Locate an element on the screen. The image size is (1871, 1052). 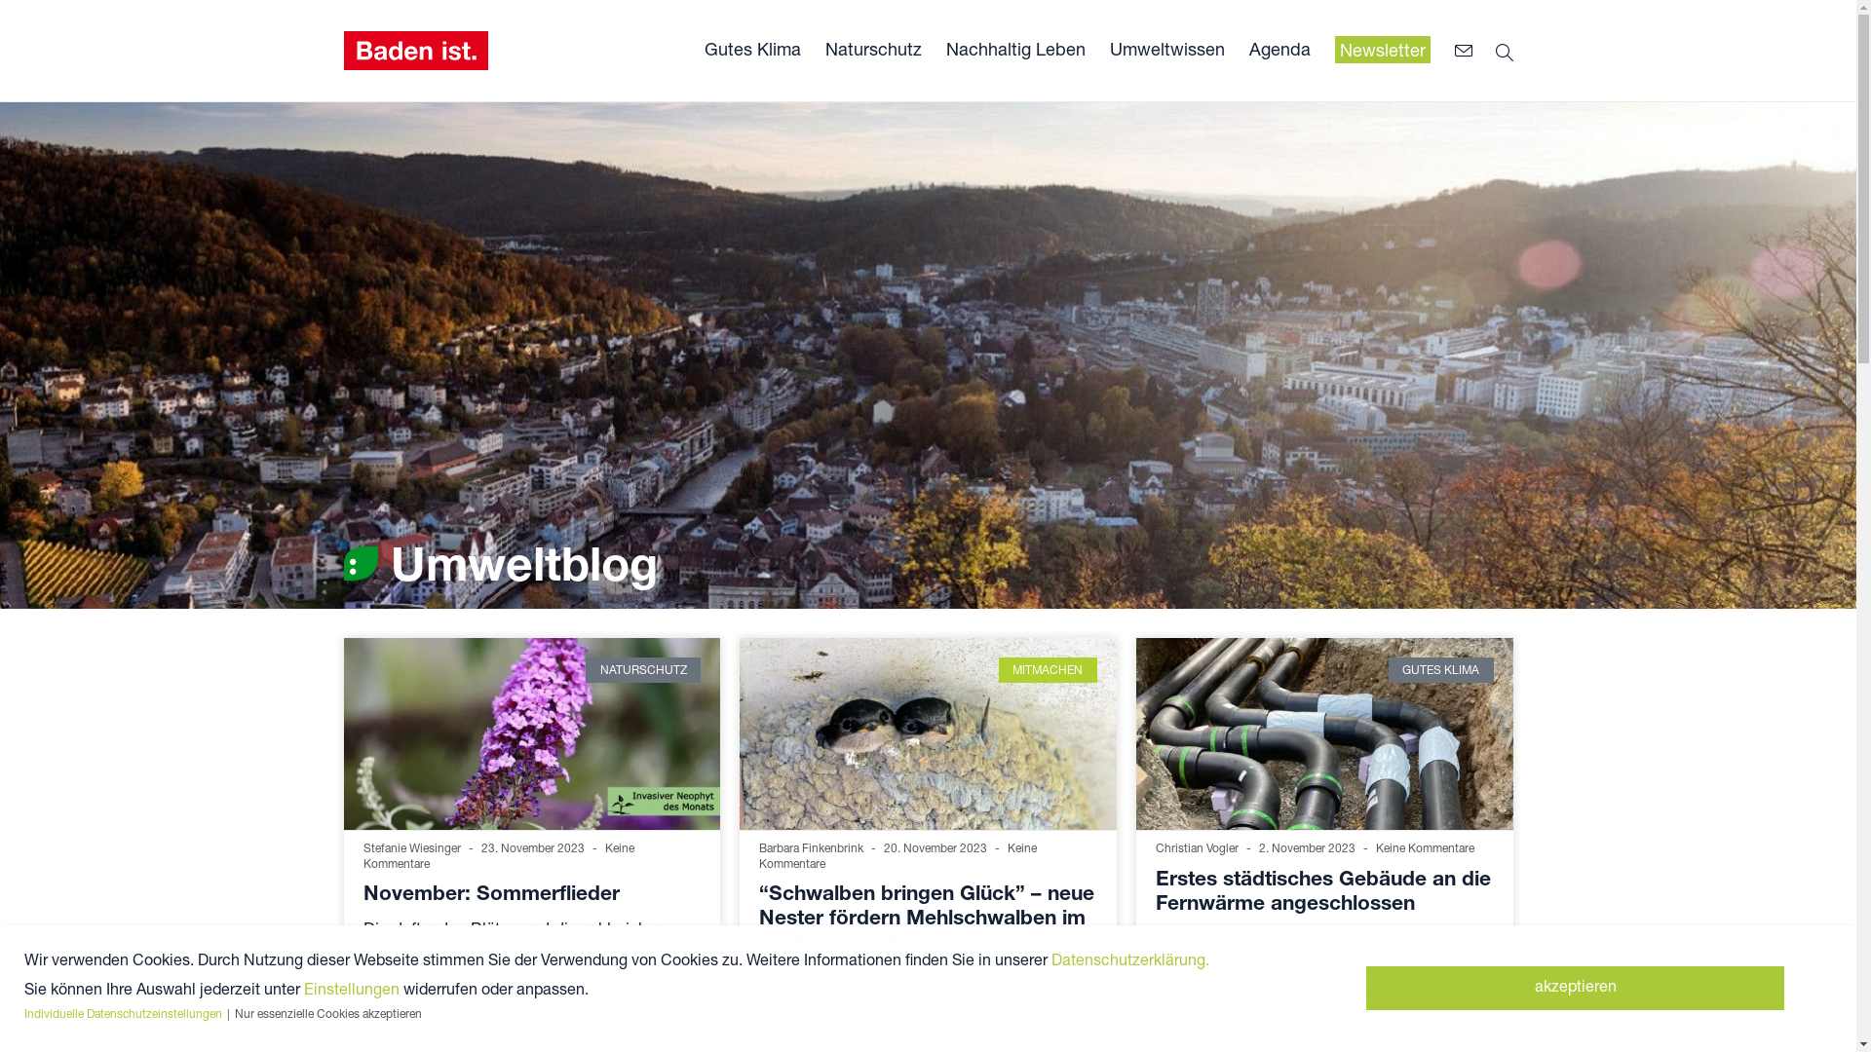
'Individuelle Datenschutzeinstellungen' is located at coordinates (23, 1012).